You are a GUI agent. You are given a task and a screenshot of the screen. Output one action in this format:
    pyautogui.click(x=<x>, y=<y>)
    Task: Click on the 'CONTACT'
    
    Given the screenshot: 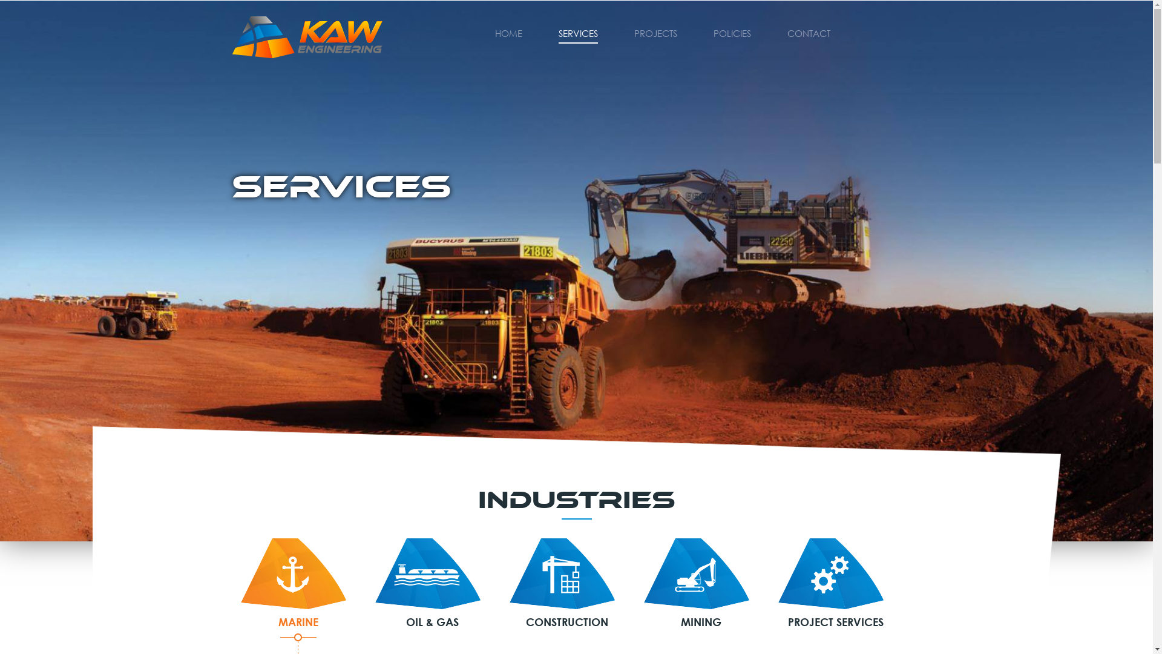 What is the action you would take?
    pyautogui.click(x=787, y=31)
    